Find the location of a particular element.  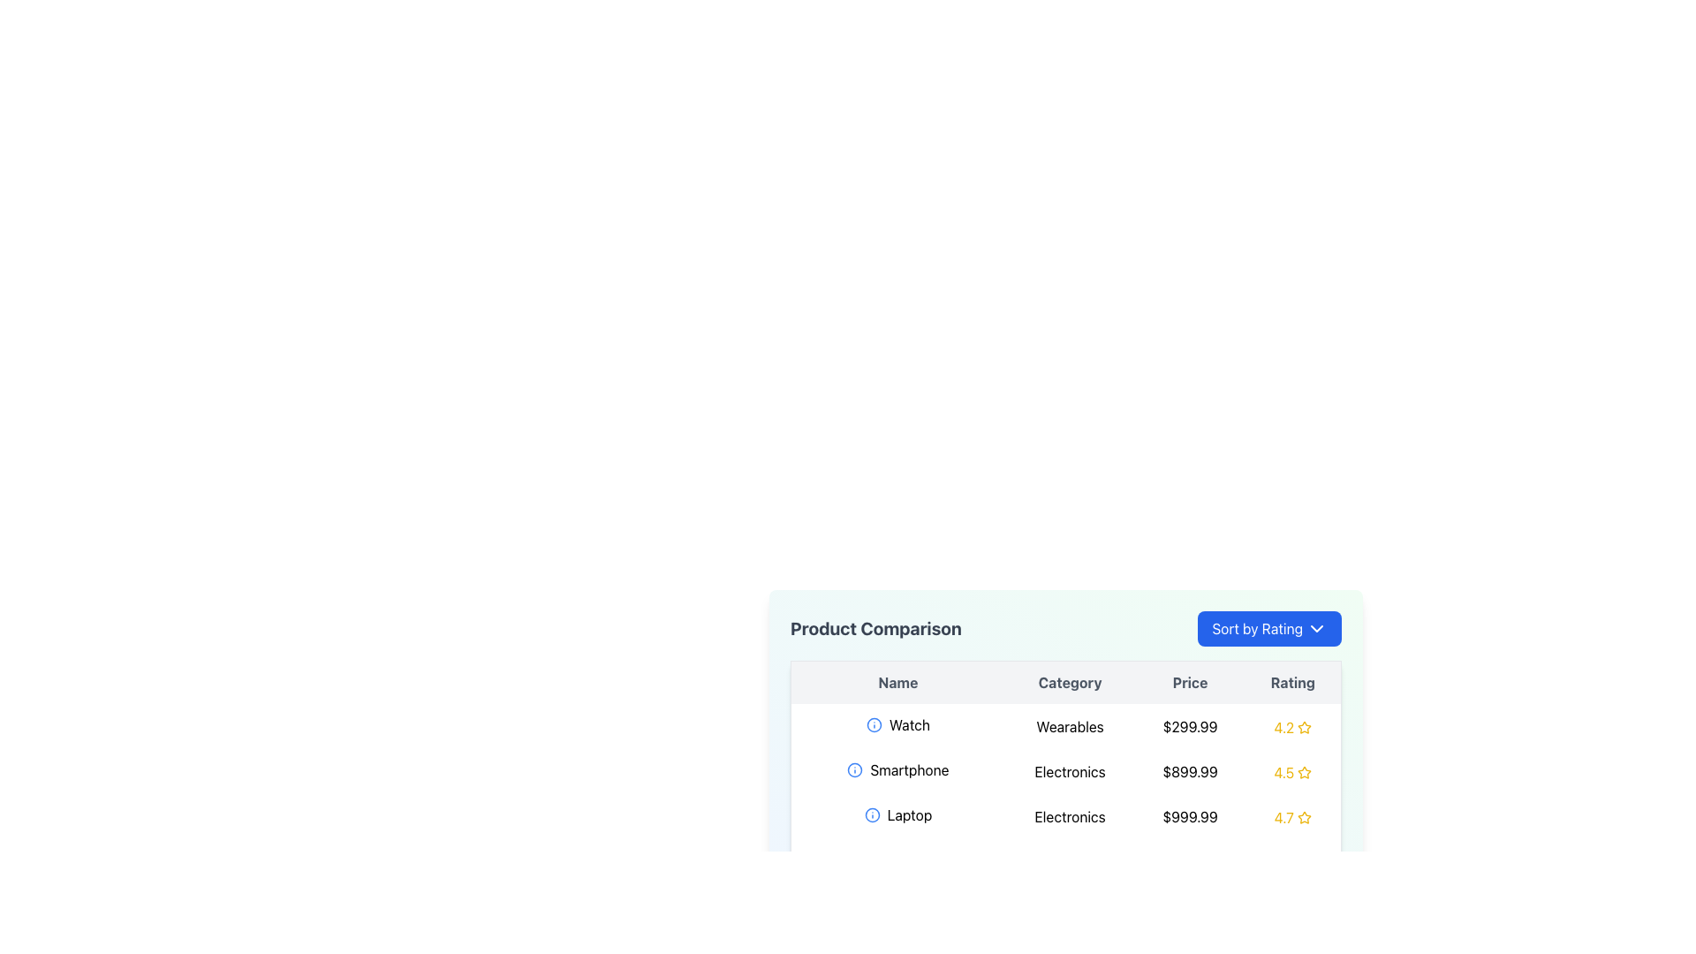

the 'Category' text label, which is styled in dark gray and located in the table header between 'Name' and 'Price' is located at coordinates (1069, 681).